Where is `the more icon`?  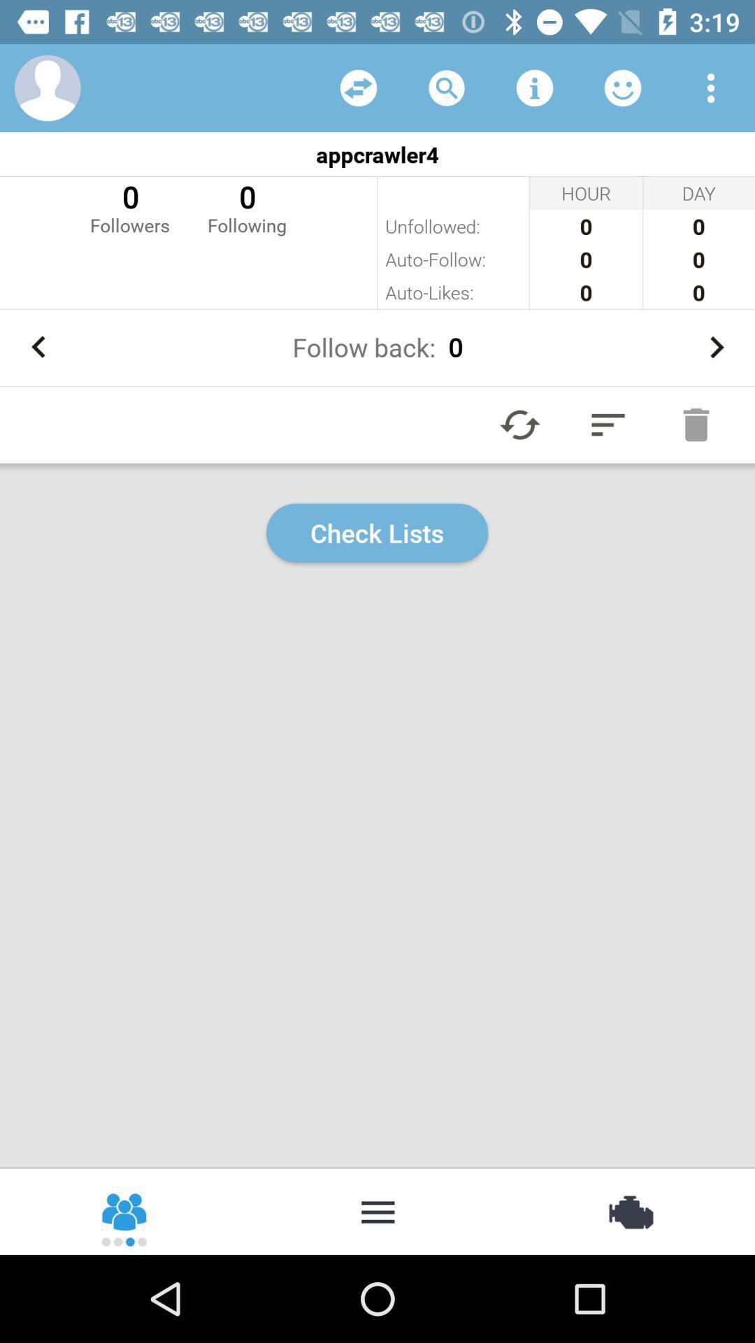
the more icon is located at coordinates (377, 1210).